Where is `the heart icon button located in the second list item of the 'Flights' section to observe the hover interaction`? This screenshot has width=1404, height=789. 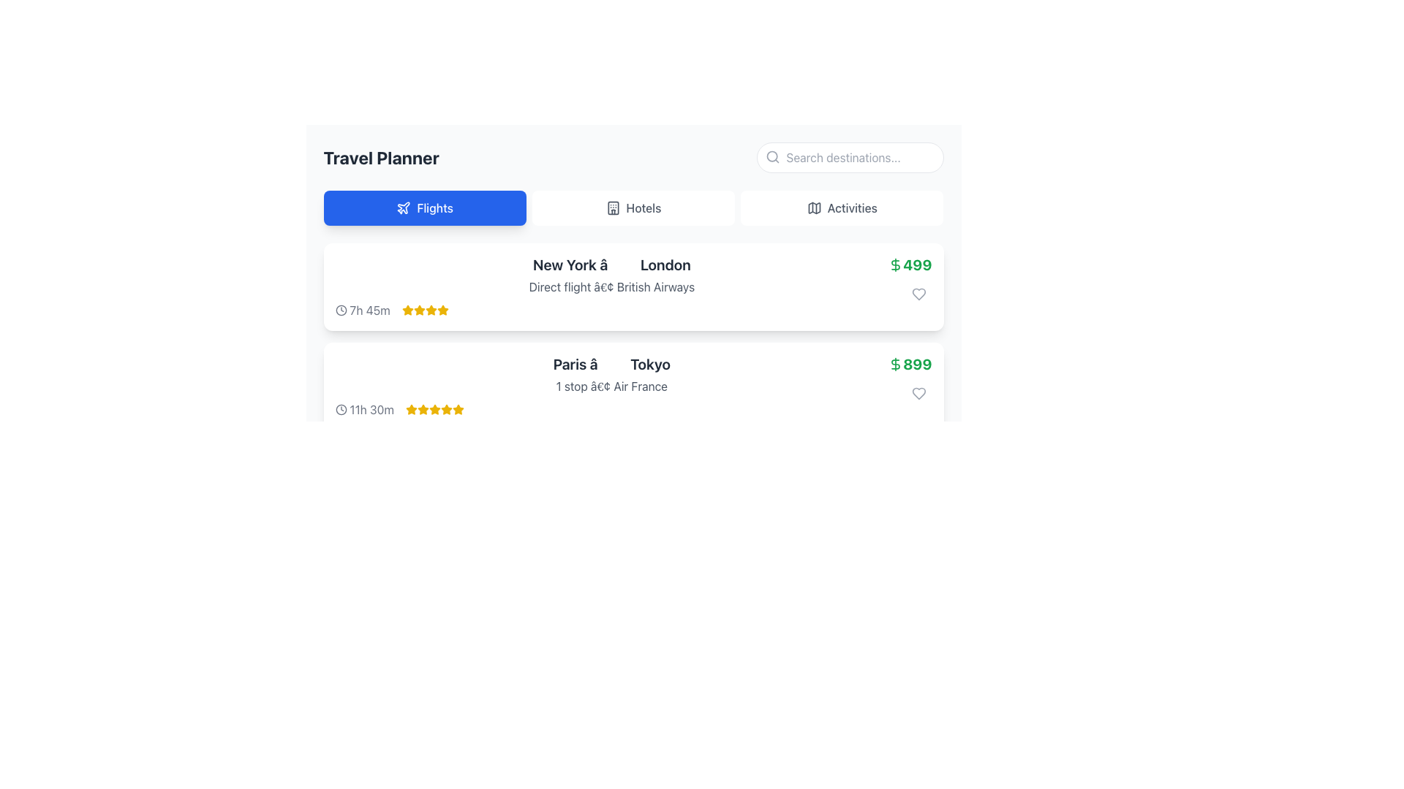
the heart icon button located in the second list item of the 'Flights' section to observe the hover interaction is located at coordinates (918, 393).